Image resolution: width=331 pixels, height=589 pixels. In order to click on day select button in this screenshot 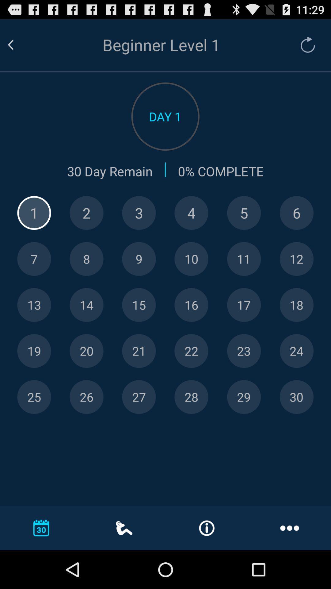, I will do `click(244, 351)`.